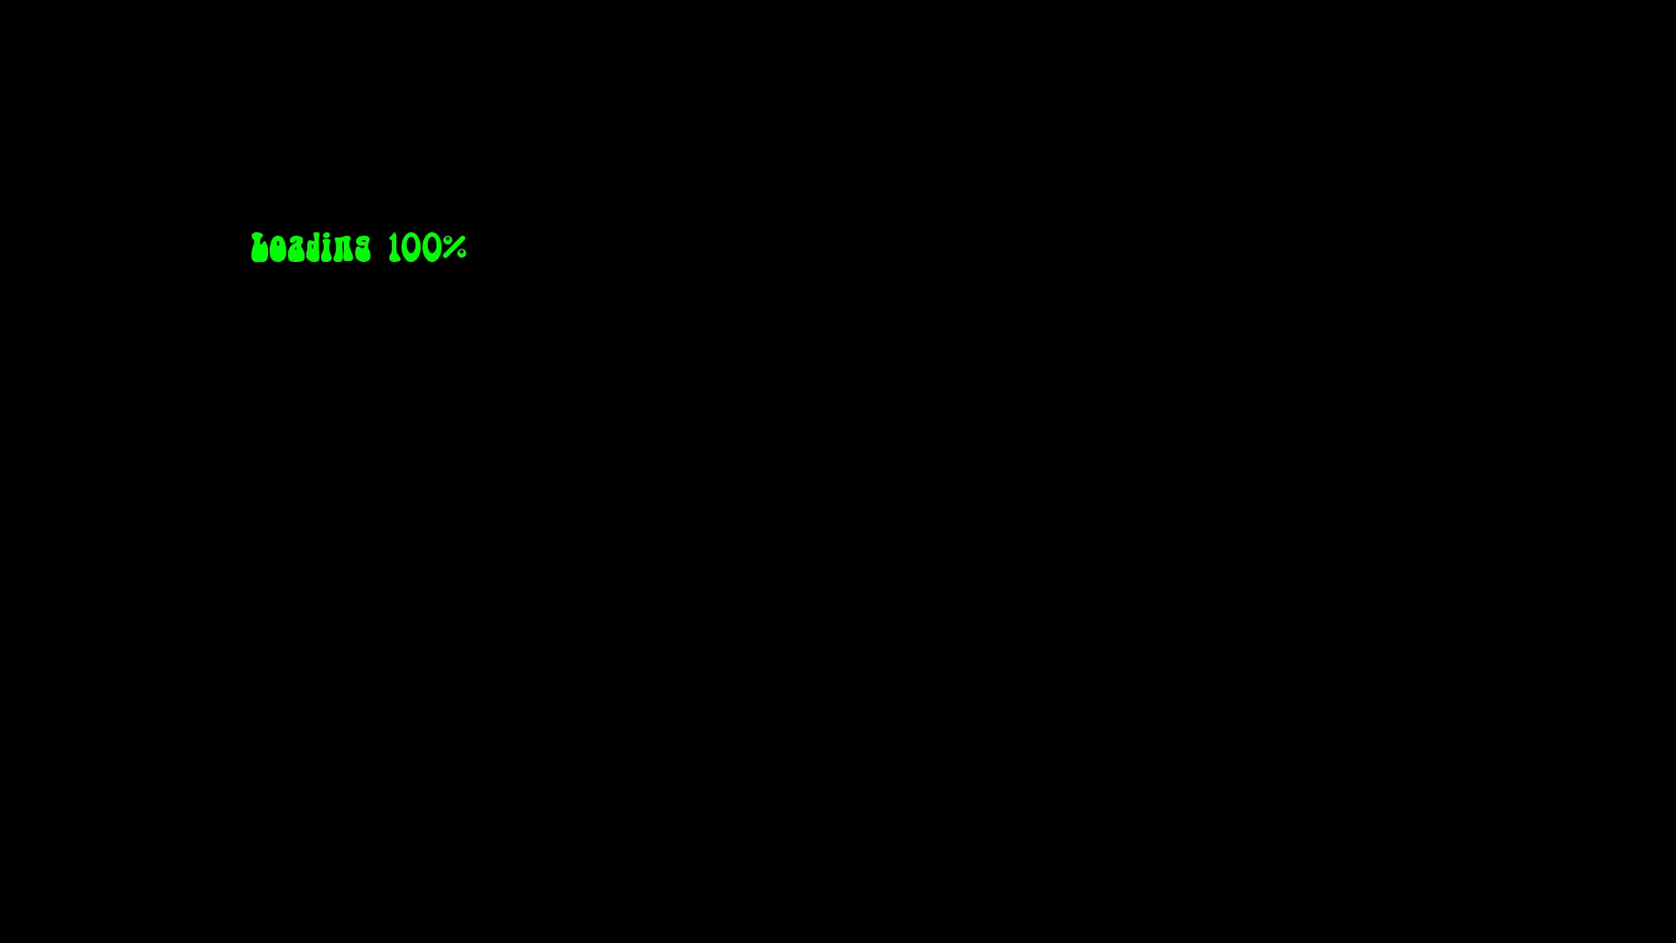  I want to click on MENU, so click(577, 369).